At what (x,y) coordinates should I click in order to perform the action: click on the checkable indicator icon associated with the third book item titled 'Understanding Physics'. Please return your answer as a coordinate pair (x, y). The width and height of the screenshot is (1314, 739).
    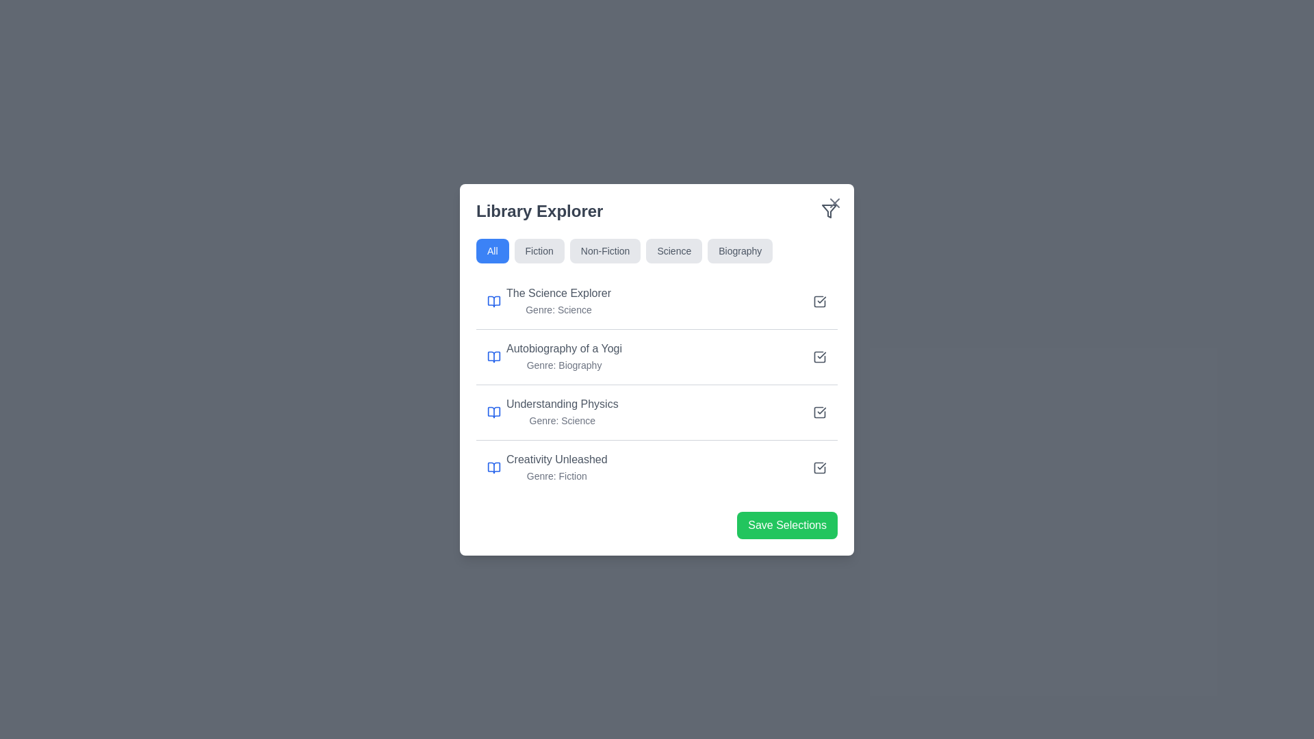
    Looking at the image, I should click on (820, 411).